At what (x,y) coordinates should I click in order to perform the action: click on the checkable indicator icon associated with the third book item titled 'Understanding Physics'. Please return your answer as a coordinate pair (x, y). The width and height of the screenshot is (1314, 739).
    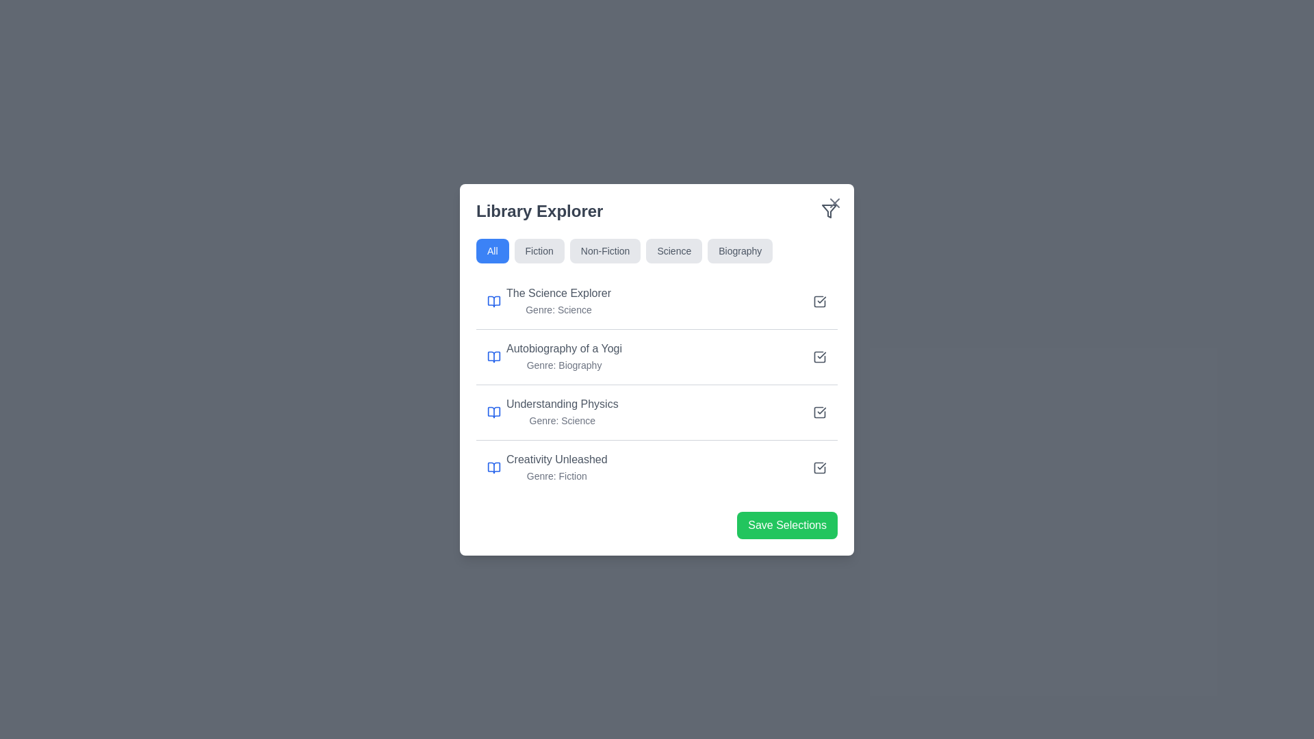
    Looking at the image, I should click on (820, 411).